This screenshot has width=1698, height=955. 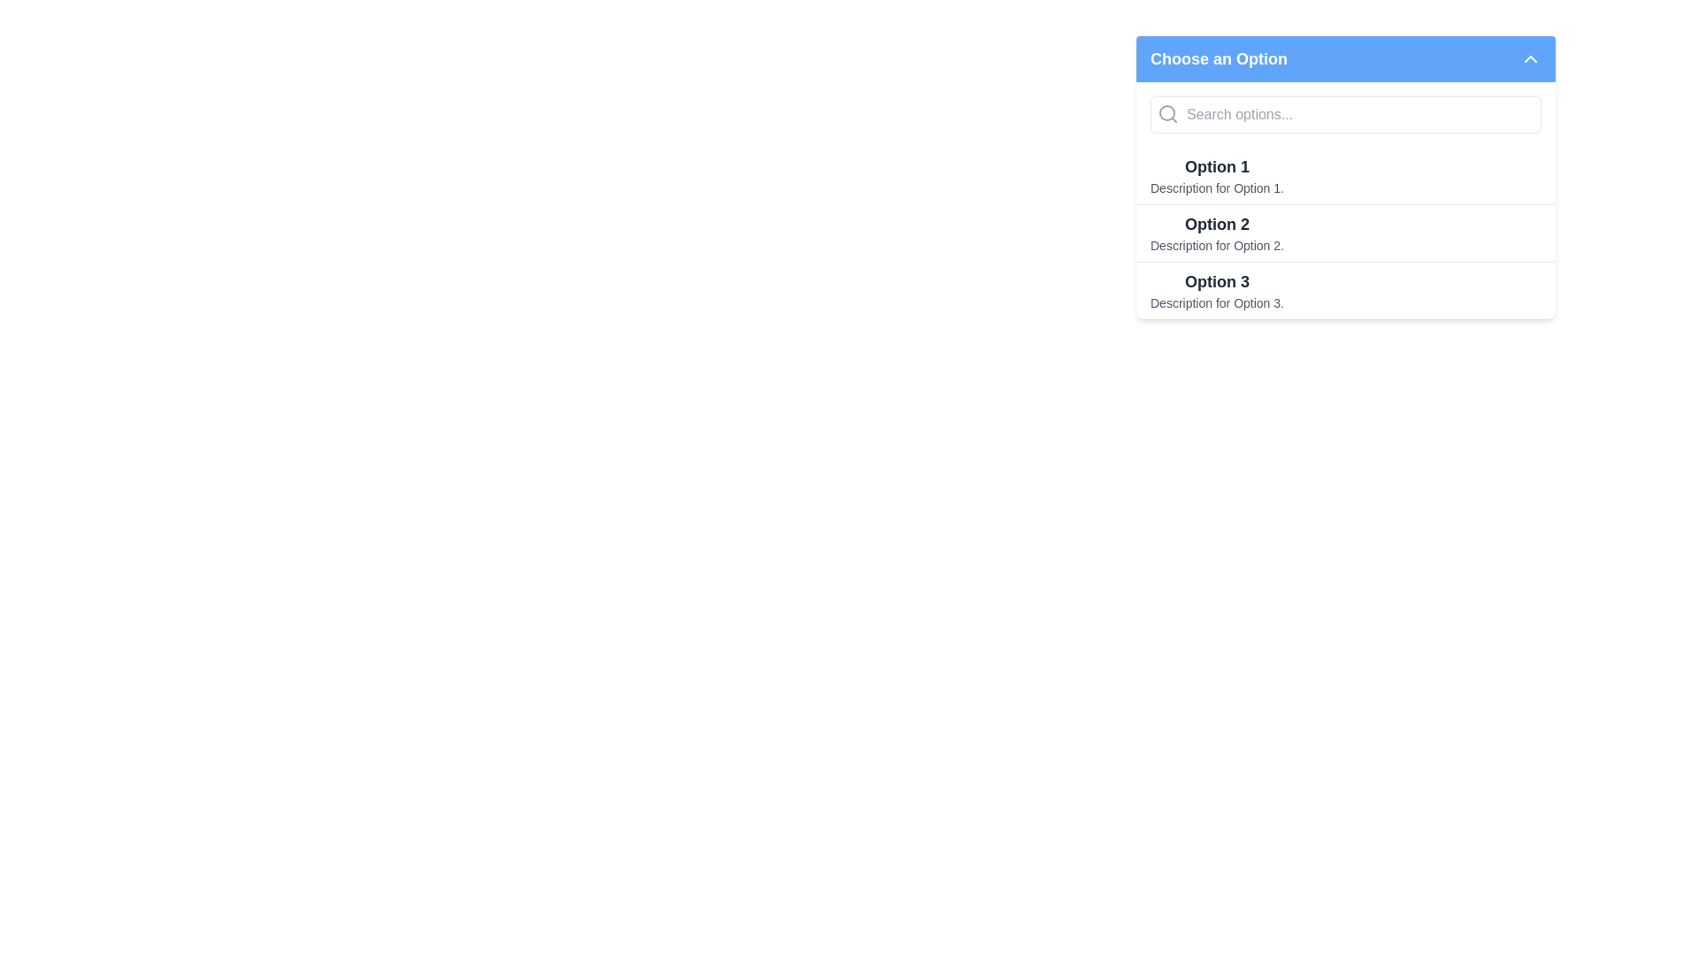 I want to click on the second option in the dropdown list, so click(x=1344, y=200).